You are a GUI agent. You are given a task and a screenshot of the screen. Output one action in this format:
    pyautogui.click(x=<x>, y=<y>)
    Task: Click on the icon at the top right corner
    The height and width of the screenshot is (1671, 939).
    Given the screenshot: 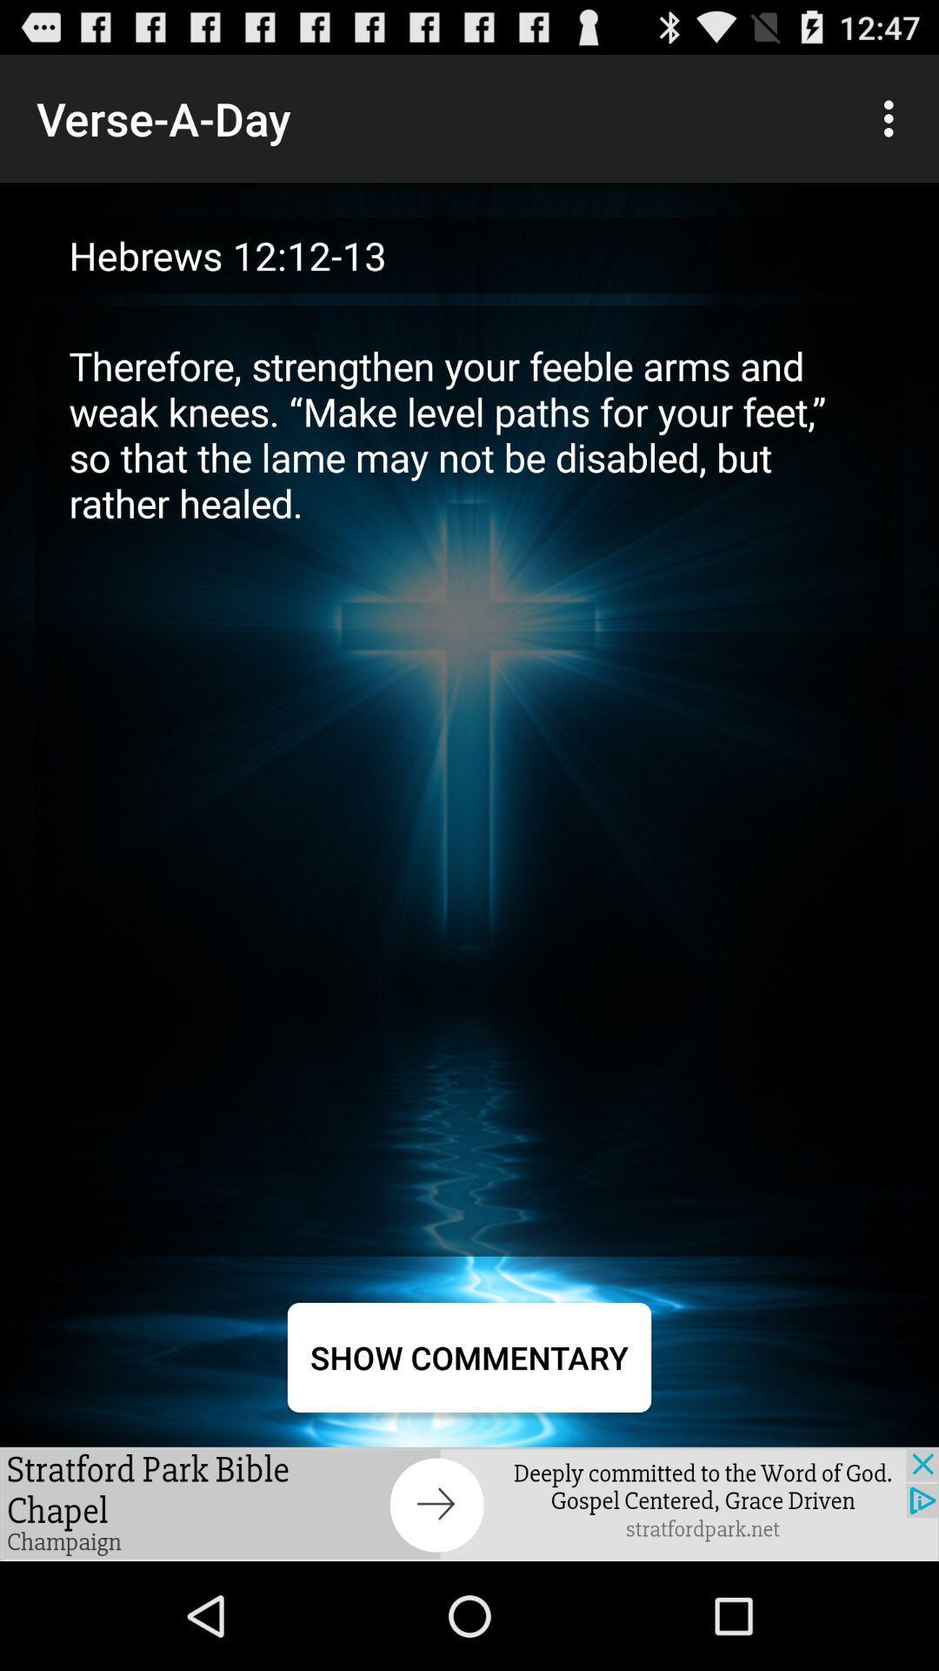 What is the action you would take?
    pyautogui.click(x=893, y=117)
    